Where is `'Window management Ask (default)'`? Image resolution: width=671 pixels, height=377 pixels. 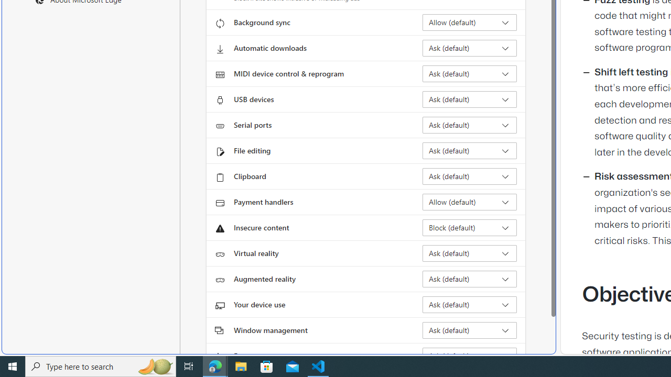
'Window management Ask (default)' is located at coordinates (469, 330).